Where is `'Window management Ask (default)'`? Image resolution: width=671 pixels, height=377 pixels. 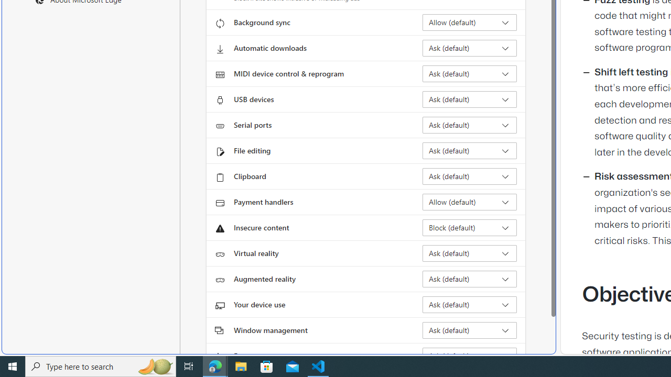
'Window management Ask (default)' is located at coordinates (469, 330).